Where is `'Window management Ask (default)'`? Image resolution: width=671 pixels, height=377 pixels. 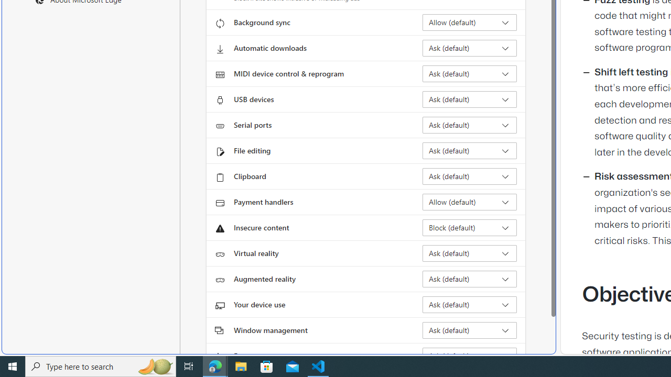
'Window management Ask (default)' is located at coordinates (469, 330).